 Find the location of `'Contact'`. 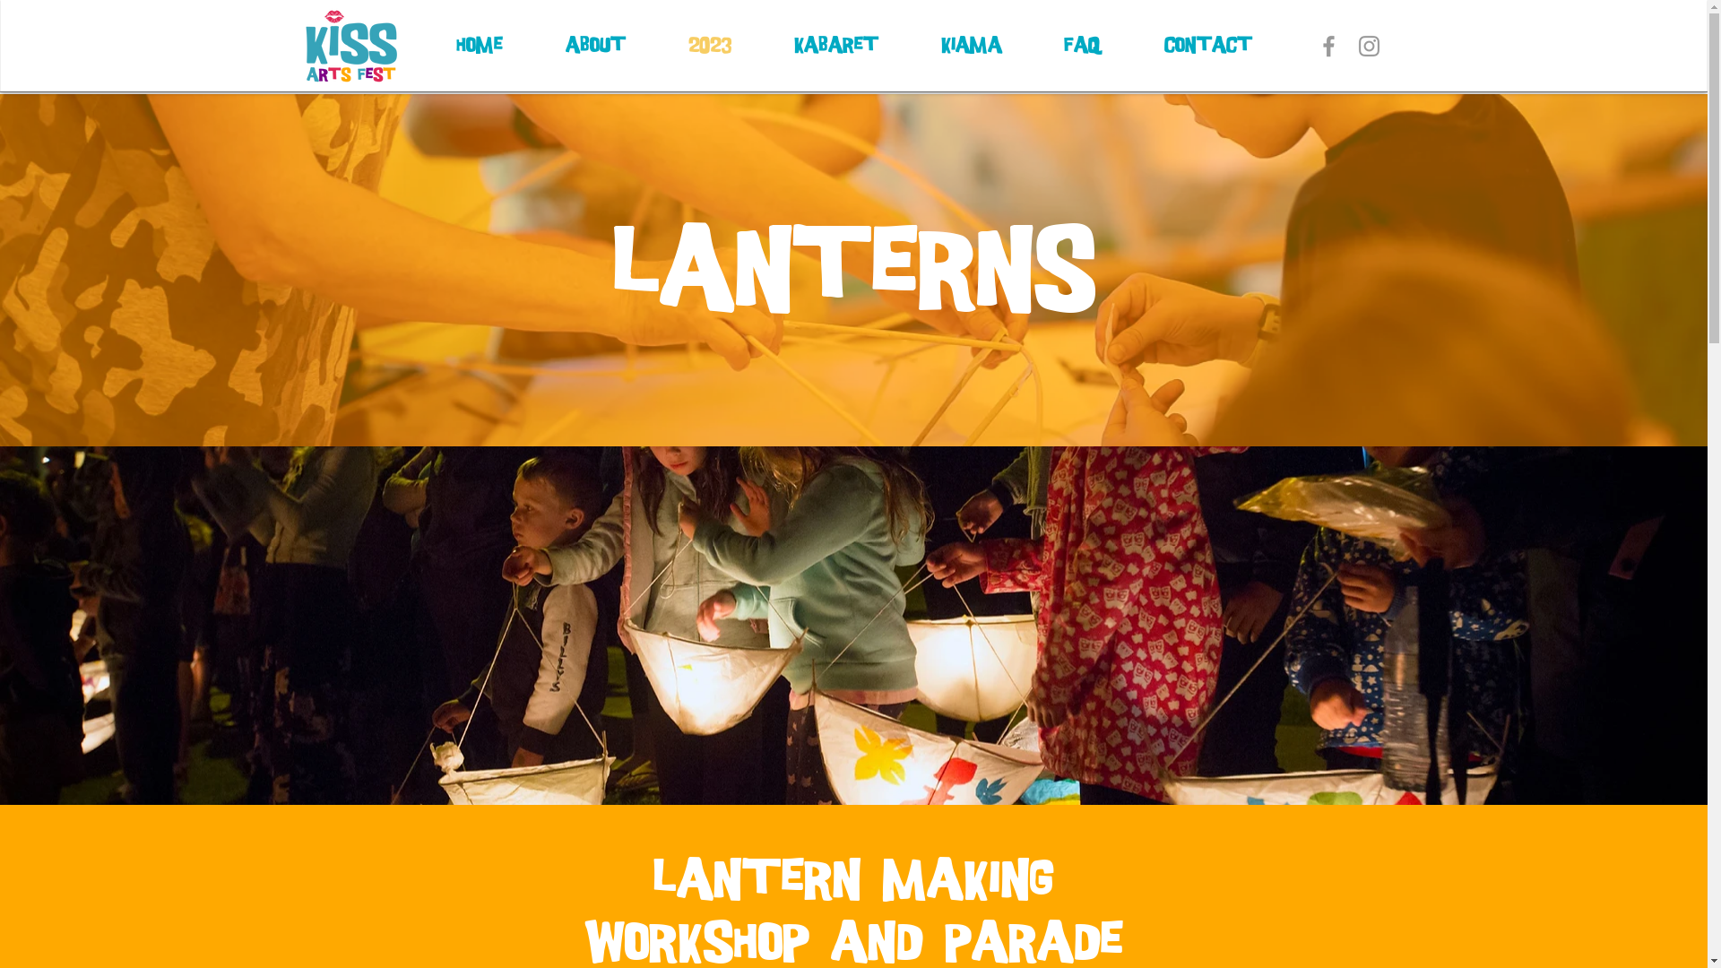

'Contact' is located at coordinates (1207, 44).